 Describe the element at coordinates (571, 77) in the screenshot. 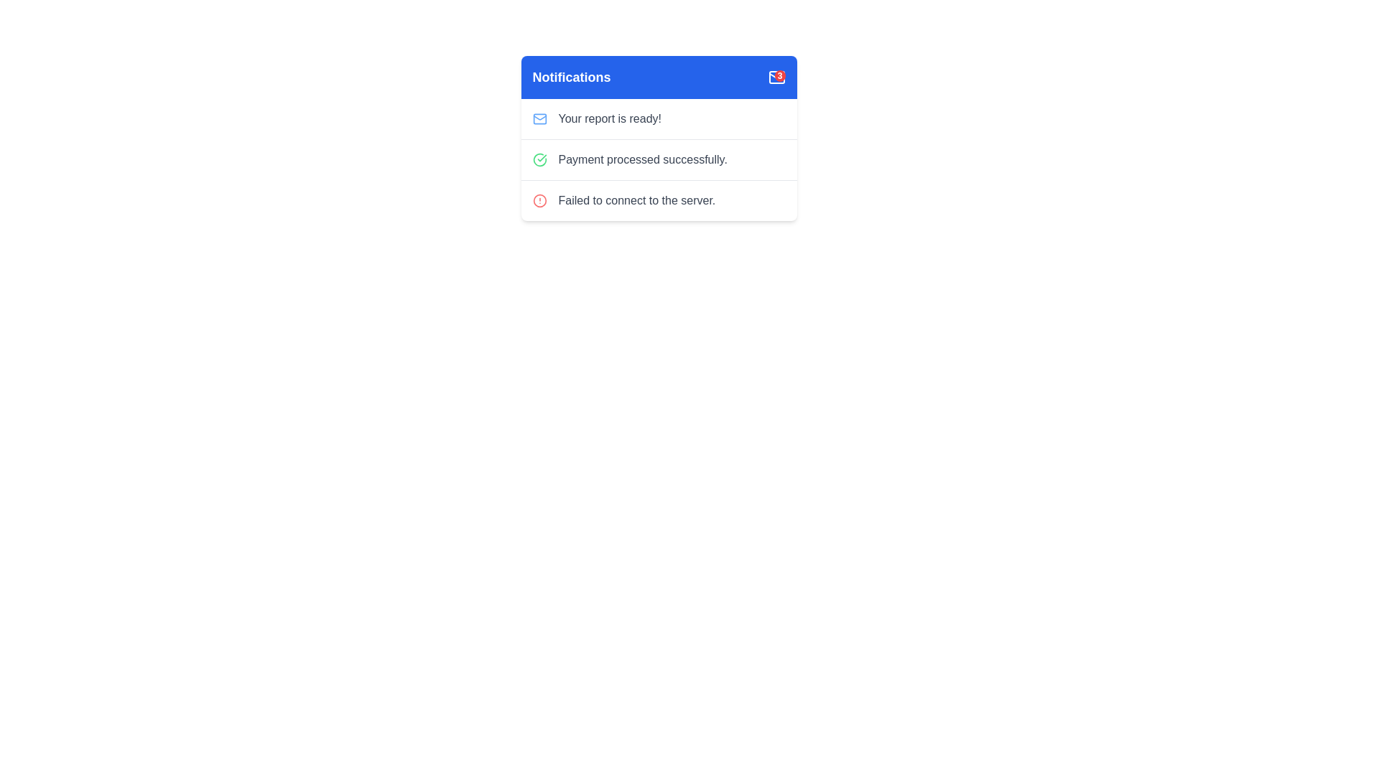

I see `the text label indicating the notifications section, located in the upper-left part of the header section with a blue background` at that location.